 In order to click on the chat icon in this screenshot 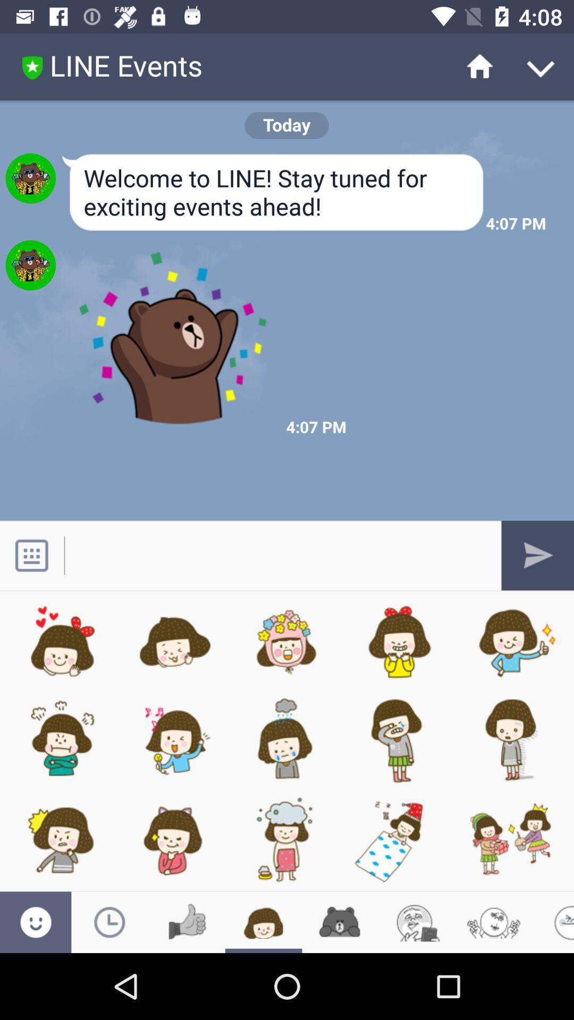, I will do `click(263, 922)`.